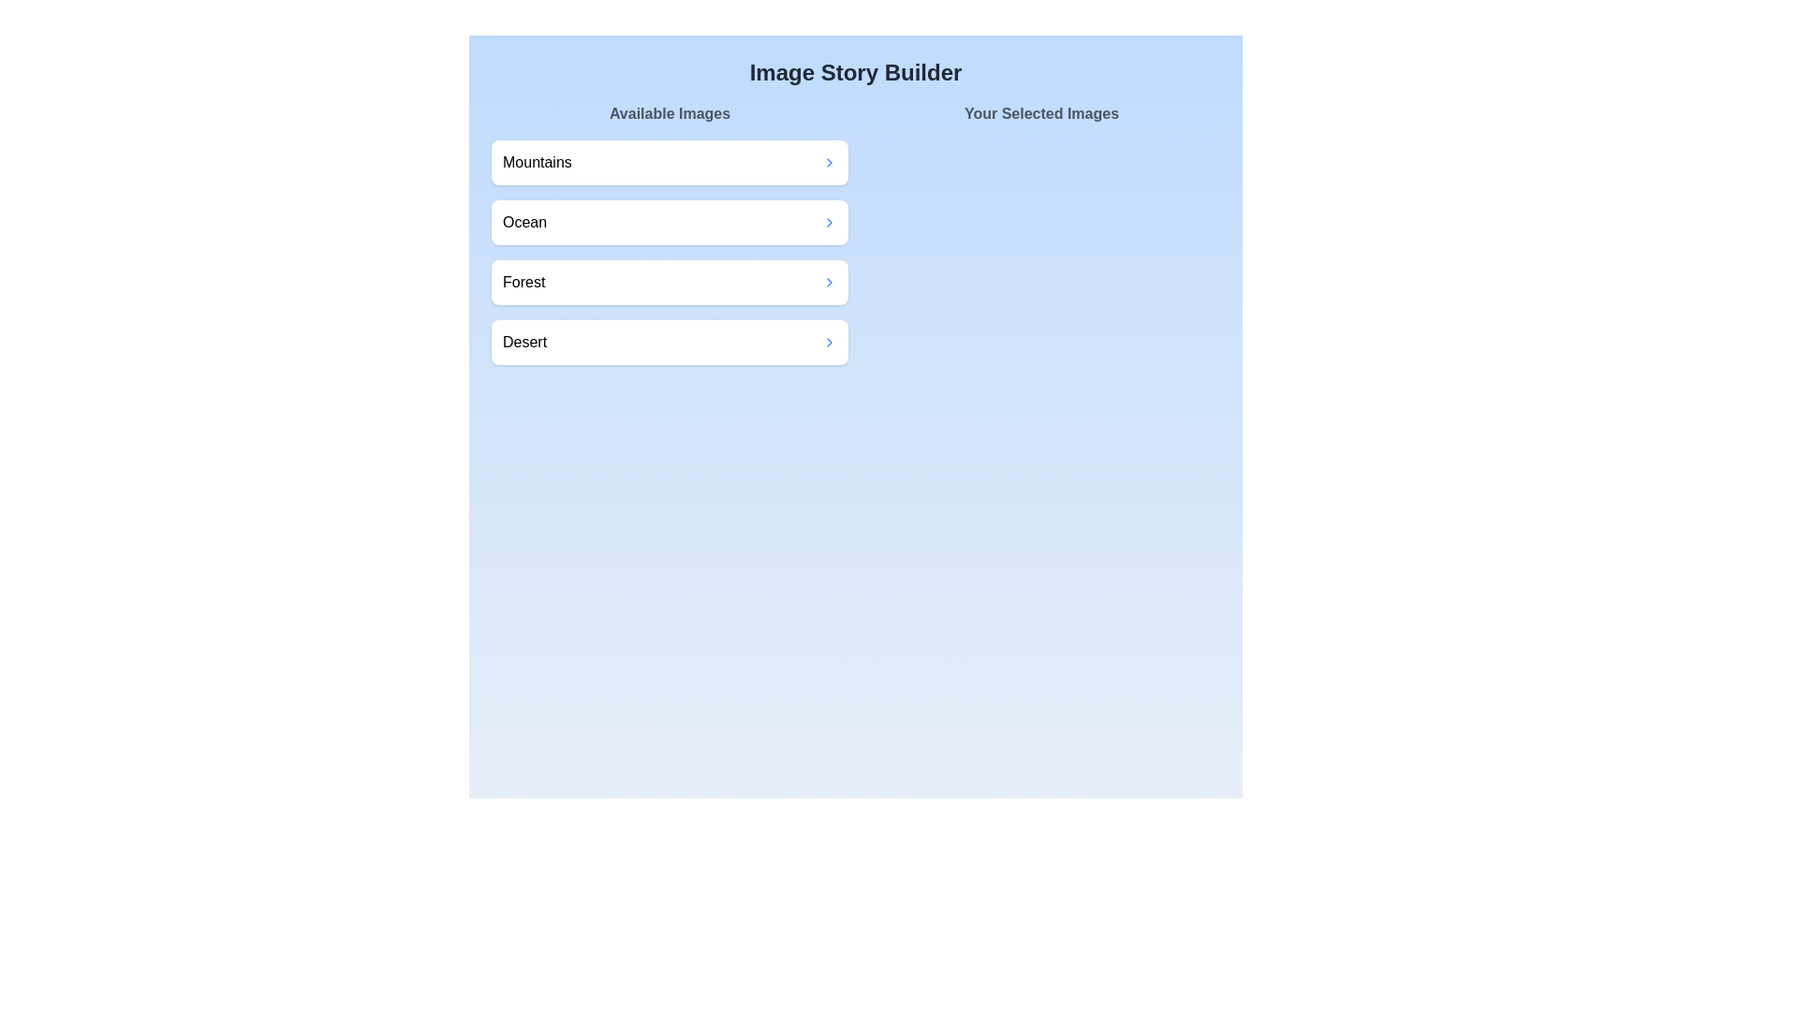 The width and height of the screenshot is (1798, 1011). Describe the element at coordinates (670, 114) in the screenshot. I see `the heading Available Images` at that location.